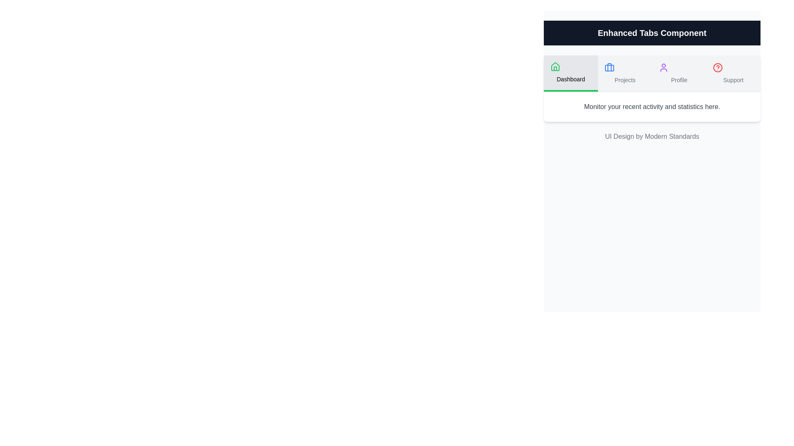  Describe the element at coordinates (555, 66) in the screenshot. I see `the house icon with a green outline located at the top-center of the 'Dashboard' tab, above the 'Dashboard' label text` at that location.